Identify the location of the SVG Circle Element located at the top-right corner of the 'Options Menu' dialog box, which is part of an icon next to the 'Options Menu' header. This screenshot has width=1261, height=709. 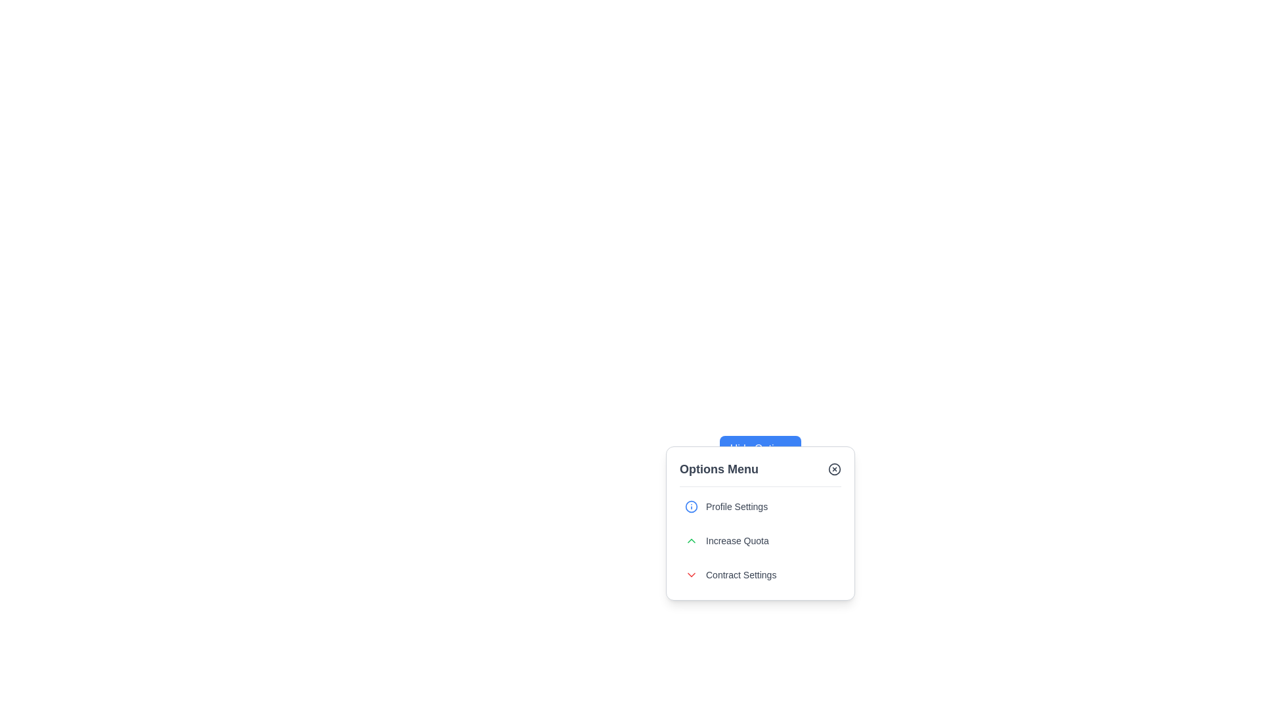
(834, 468).